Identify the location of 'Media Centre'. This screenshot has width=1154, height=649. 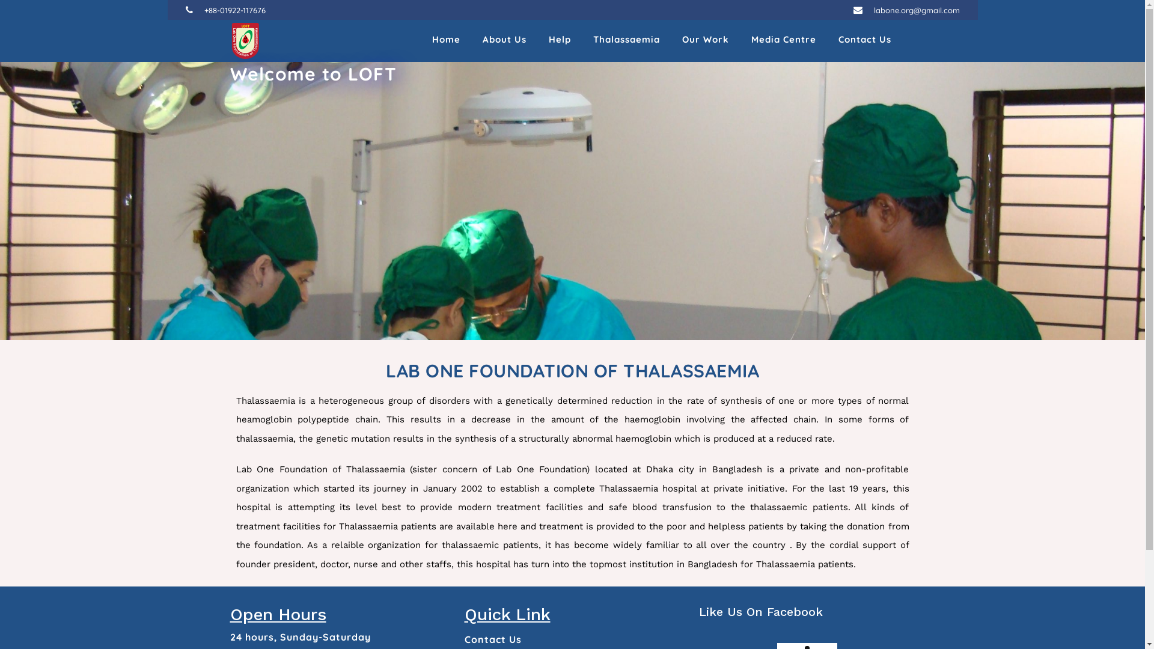
(784, 40).